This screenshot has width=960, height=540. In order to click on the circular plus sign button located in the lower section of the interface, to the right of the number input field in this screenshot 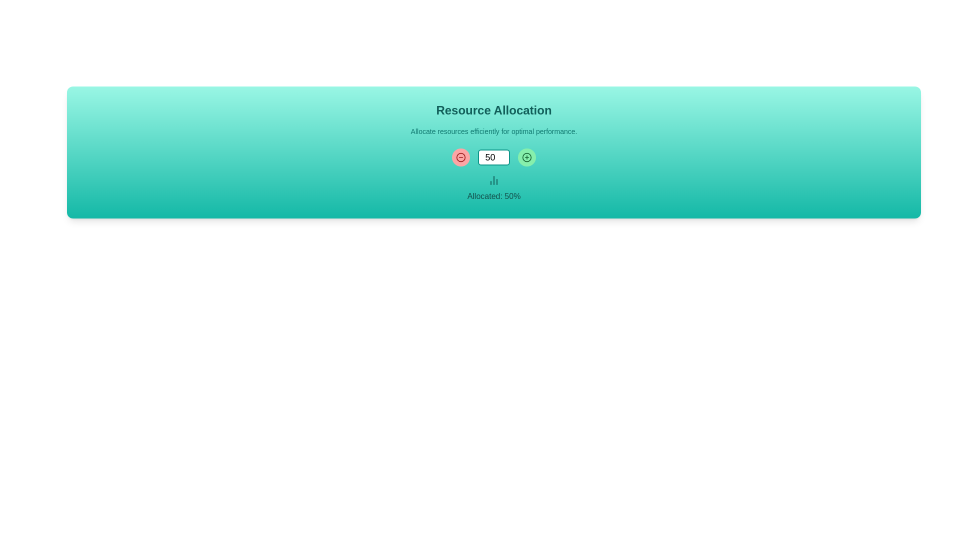, I will do `click(526, 157)`.